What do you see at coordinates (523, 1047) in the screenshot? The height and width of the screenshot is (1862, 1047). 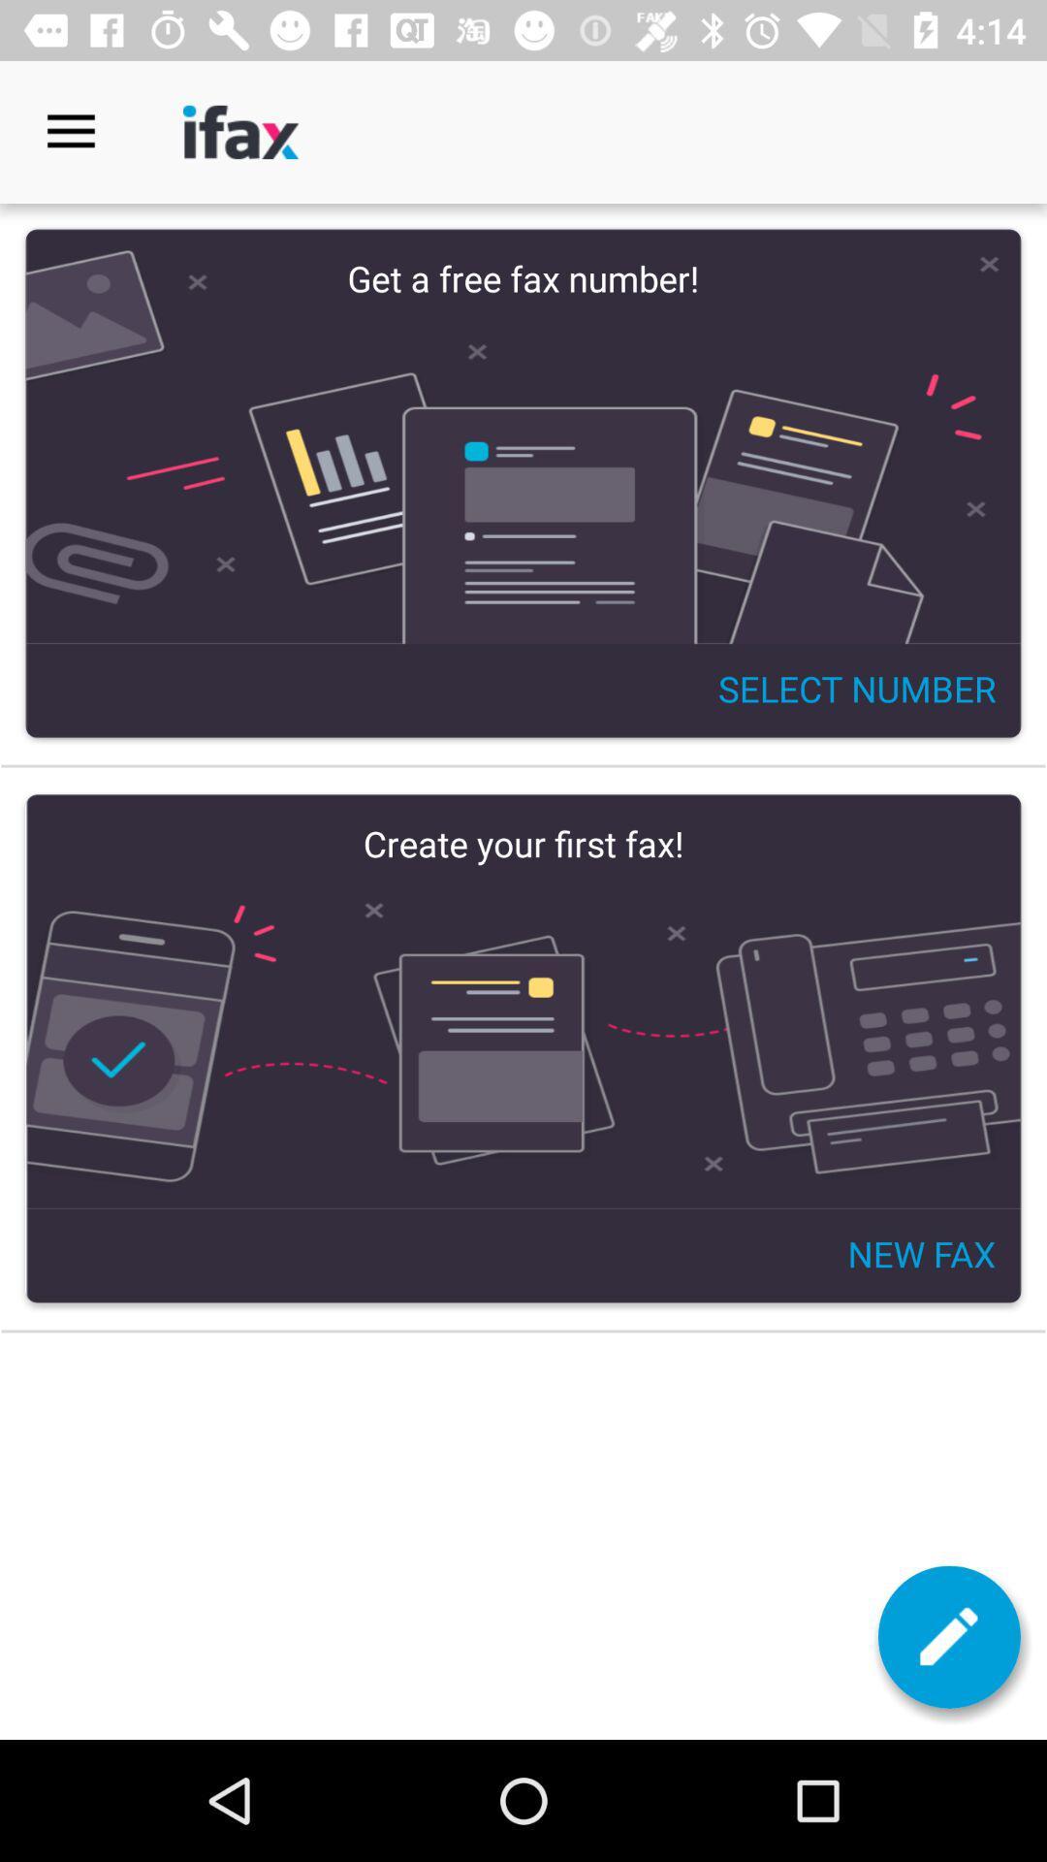 I see `your first fax` at bounding box center [523, 1047].